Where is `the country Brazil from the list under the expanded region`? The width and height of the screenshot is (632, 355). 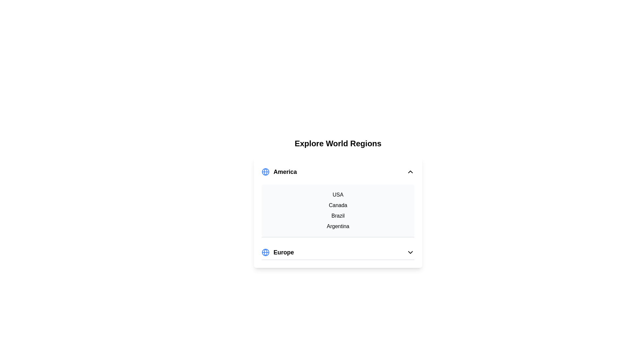
the country Brazil from the list under the expanded region is located at coordinates (338, 216).